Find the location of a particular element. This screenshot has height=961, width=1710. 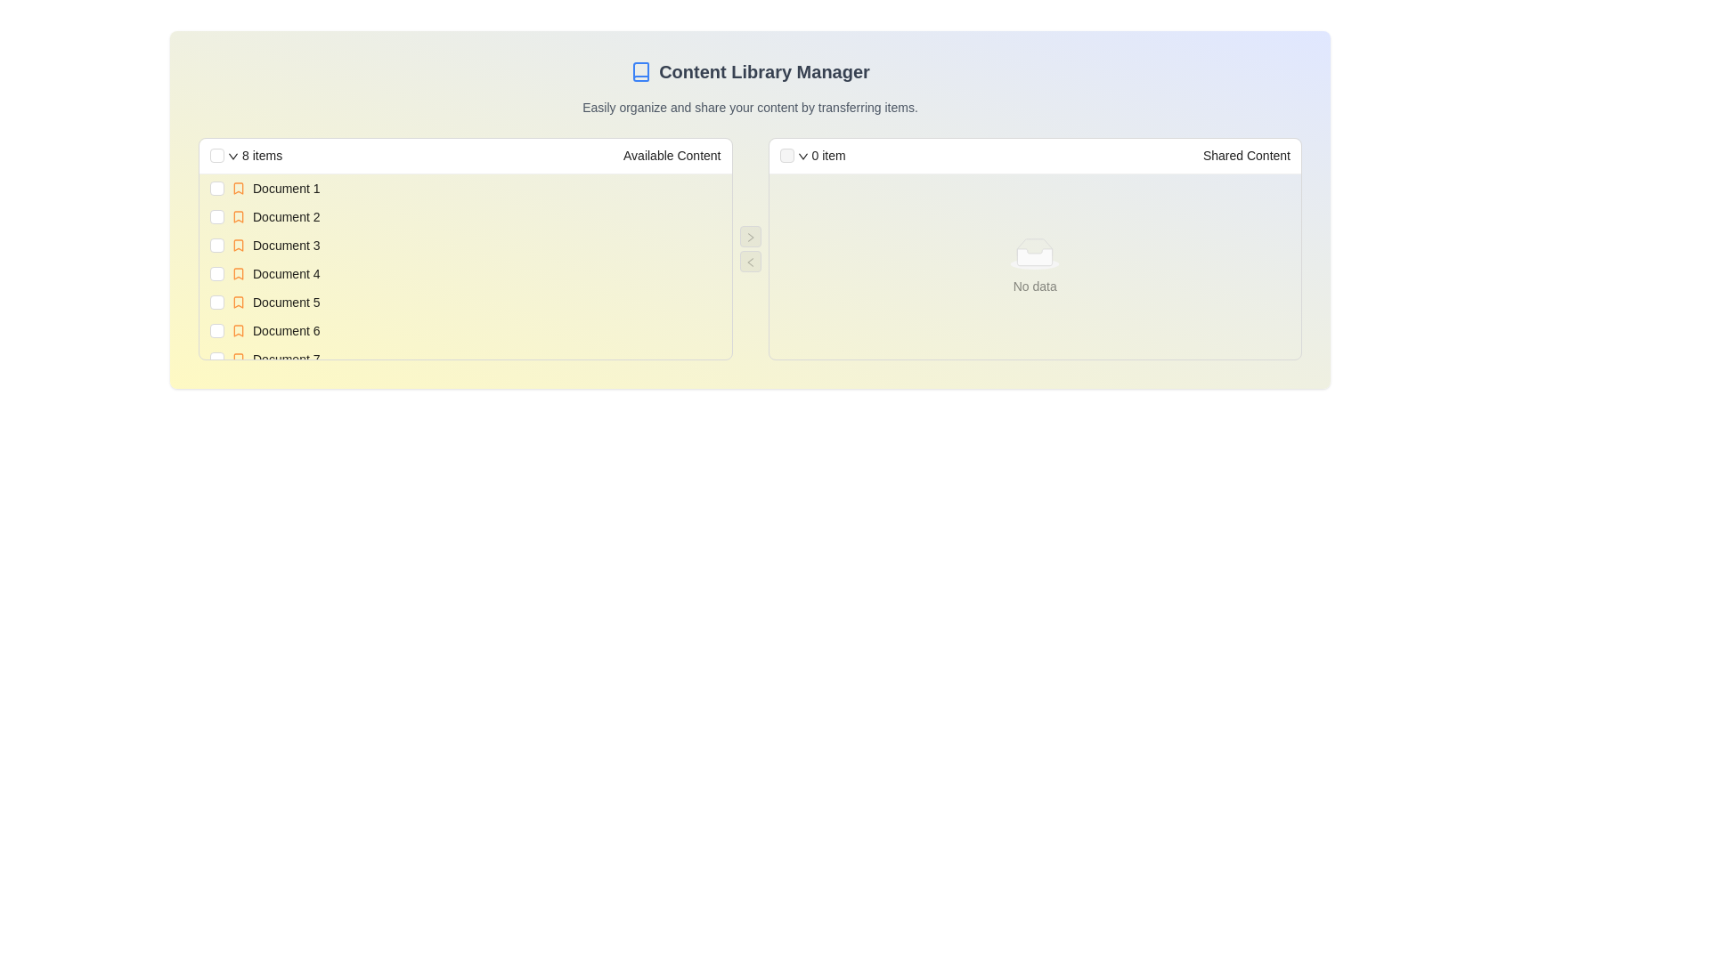

the text label indicating that no data is available in the current context of the 'Shared Content' section in the Content Library Manager interface is located at coordinates (1035, 285).